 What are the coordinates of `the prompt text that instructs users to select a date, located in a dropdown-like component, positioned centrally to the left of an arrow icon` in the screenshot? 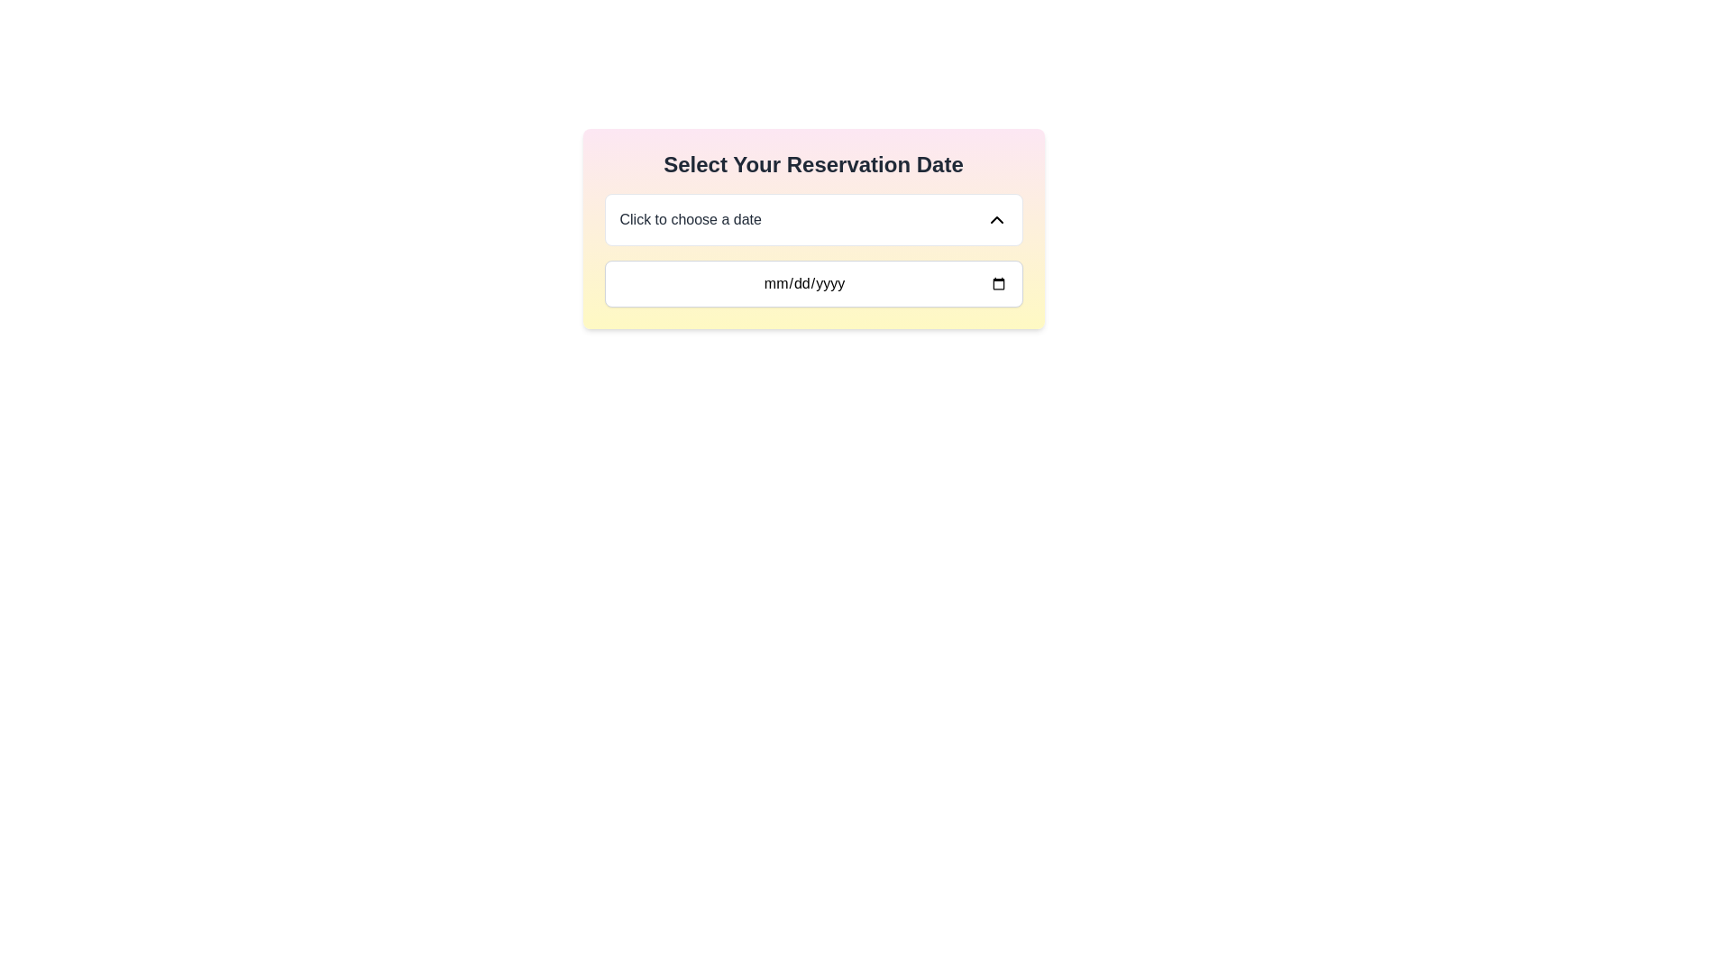 It's located at (690, 218).